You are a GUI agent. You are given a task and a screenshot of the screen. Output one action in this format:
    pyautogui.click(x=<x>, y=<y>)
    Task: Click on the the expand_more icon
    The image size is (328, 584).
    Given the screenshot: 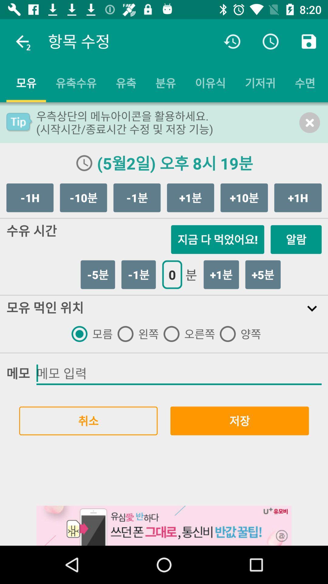 What is the action you would take?
    pyautogui.click(x=312, y=308)
    